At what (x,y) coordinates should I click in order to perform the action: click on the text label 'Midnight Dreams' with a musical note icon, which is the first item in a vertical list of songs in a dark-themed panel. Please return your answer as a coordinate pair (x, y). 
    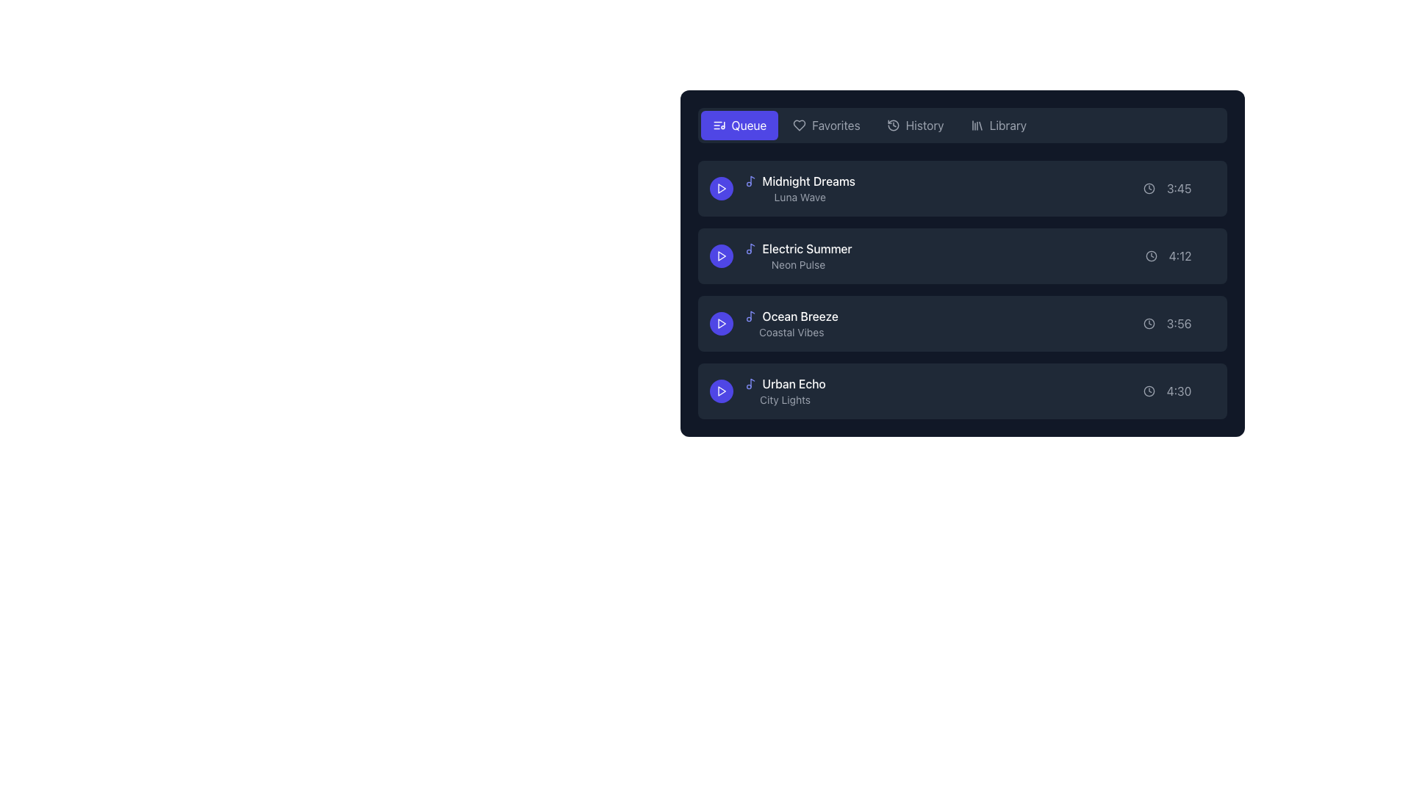
    Looking at the image, I should click on (799, 180).